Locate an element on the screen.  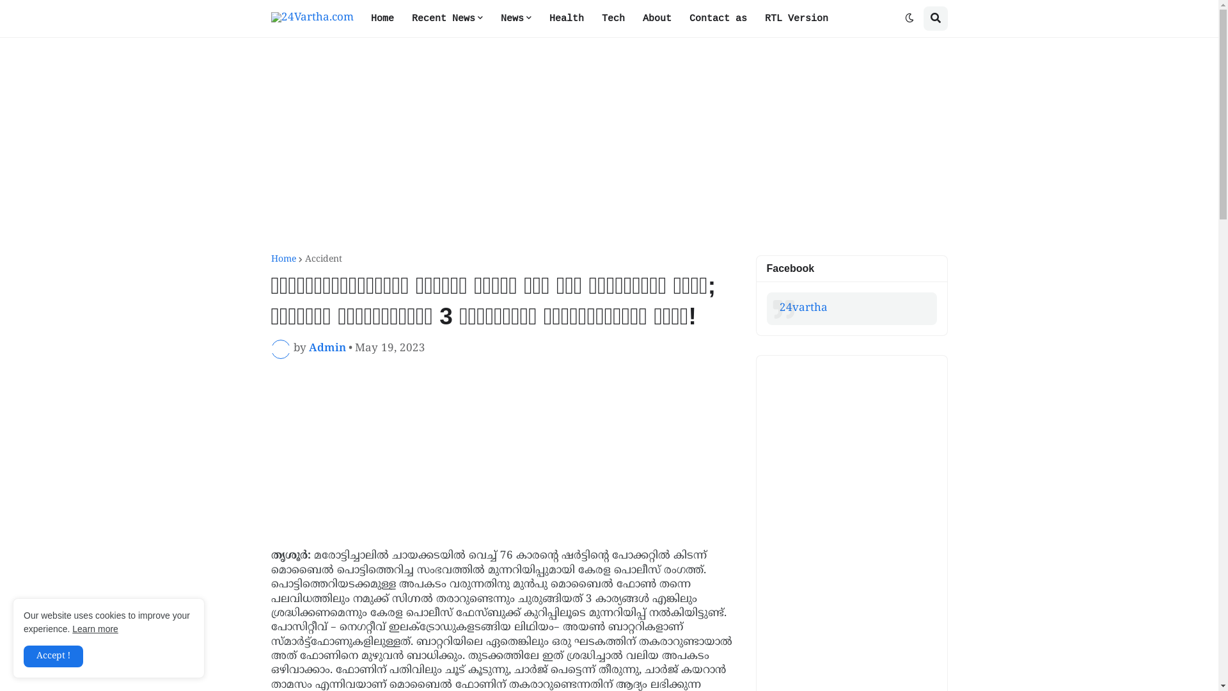
'24vartha' is located at coordinates (802, 308).